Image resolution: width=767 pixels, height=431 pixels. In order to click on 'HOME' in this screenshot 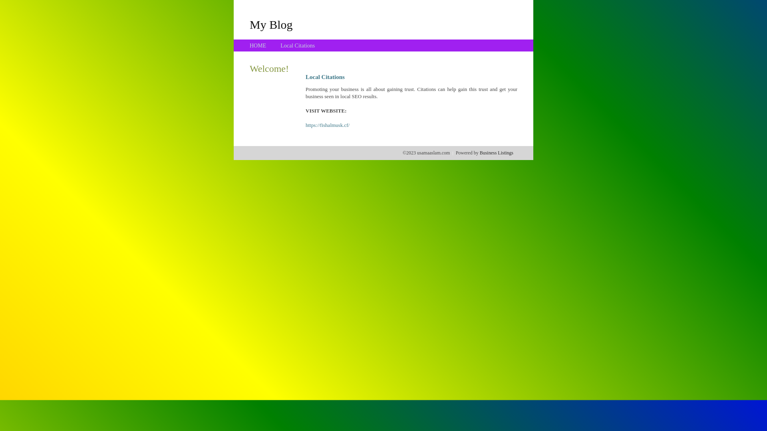, I will do `click(249, 45)`.